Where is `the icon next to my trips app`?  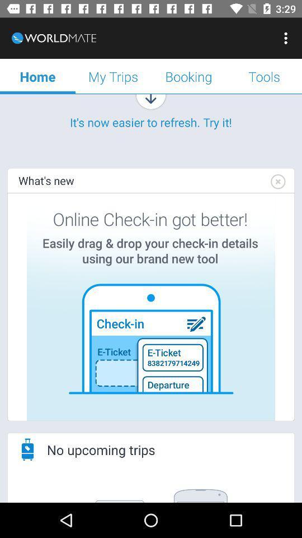 the icon next to my trips app is located at coordinates (188, 76).